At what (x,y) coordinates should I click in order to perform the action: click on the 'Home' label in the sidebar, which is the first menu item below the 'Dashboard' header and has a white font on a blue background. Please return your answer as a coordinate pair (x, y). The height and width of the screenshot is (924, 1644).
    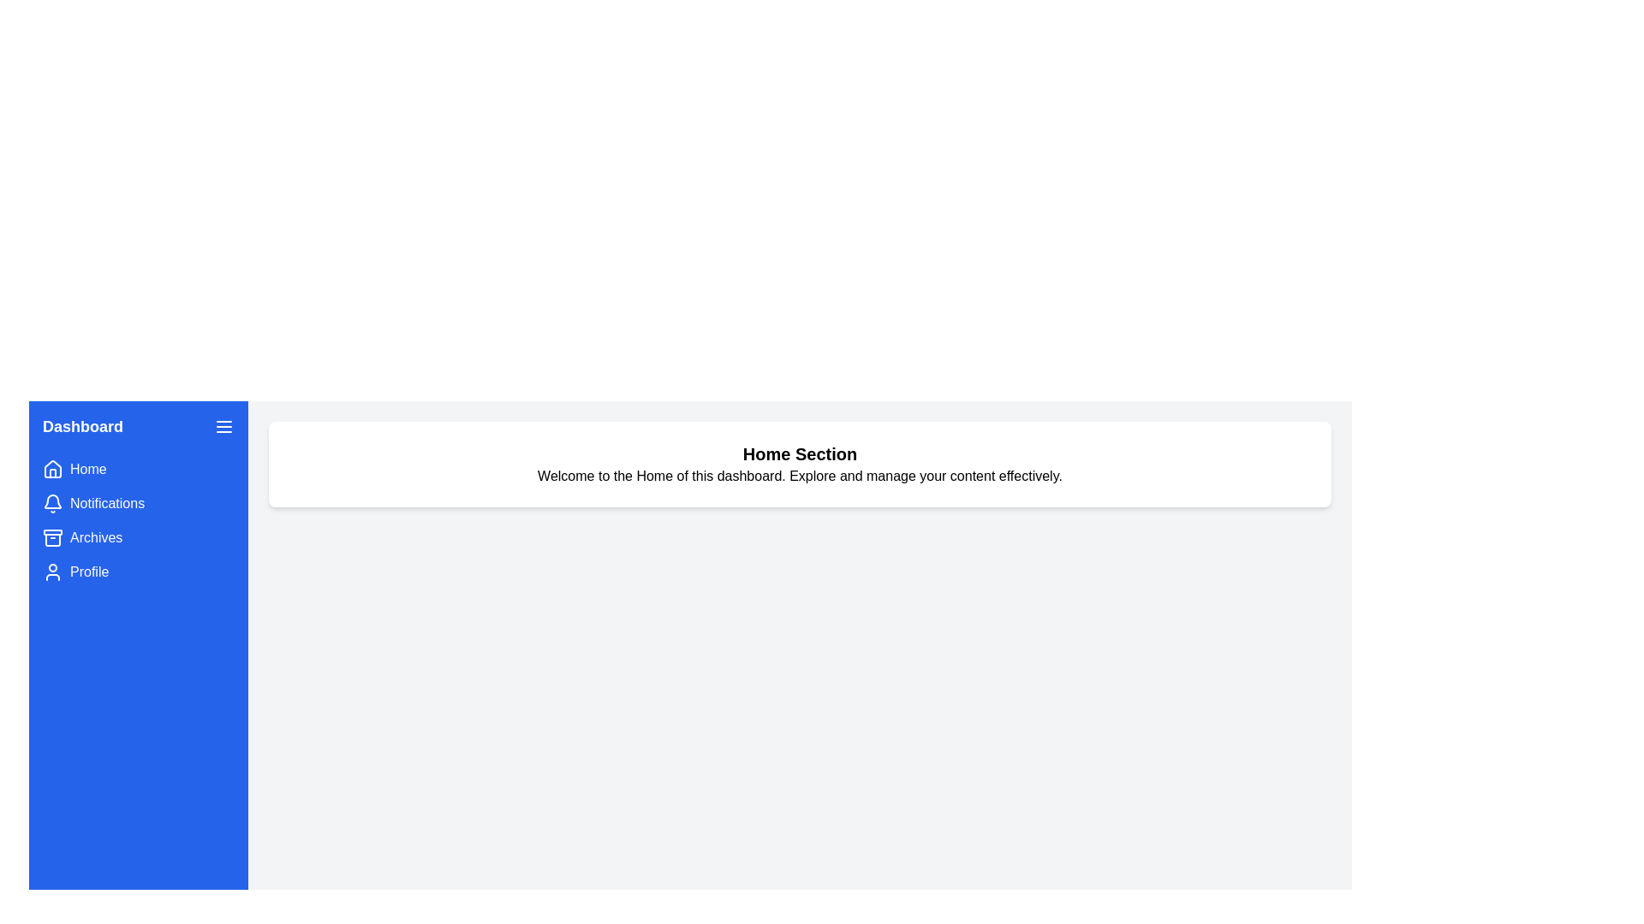
    Looking at the image, I should click on (87, 469).